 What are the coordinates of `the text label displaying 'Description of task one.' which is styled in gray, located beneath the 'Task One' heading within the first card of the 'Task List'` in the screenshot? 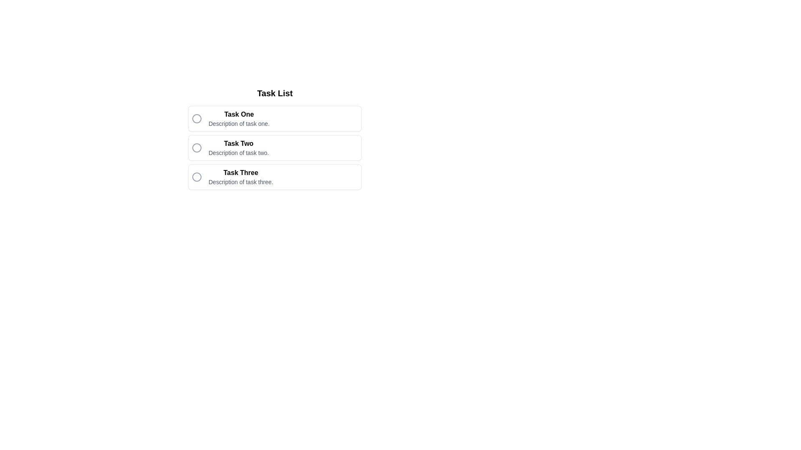 It's located at (239, 124).